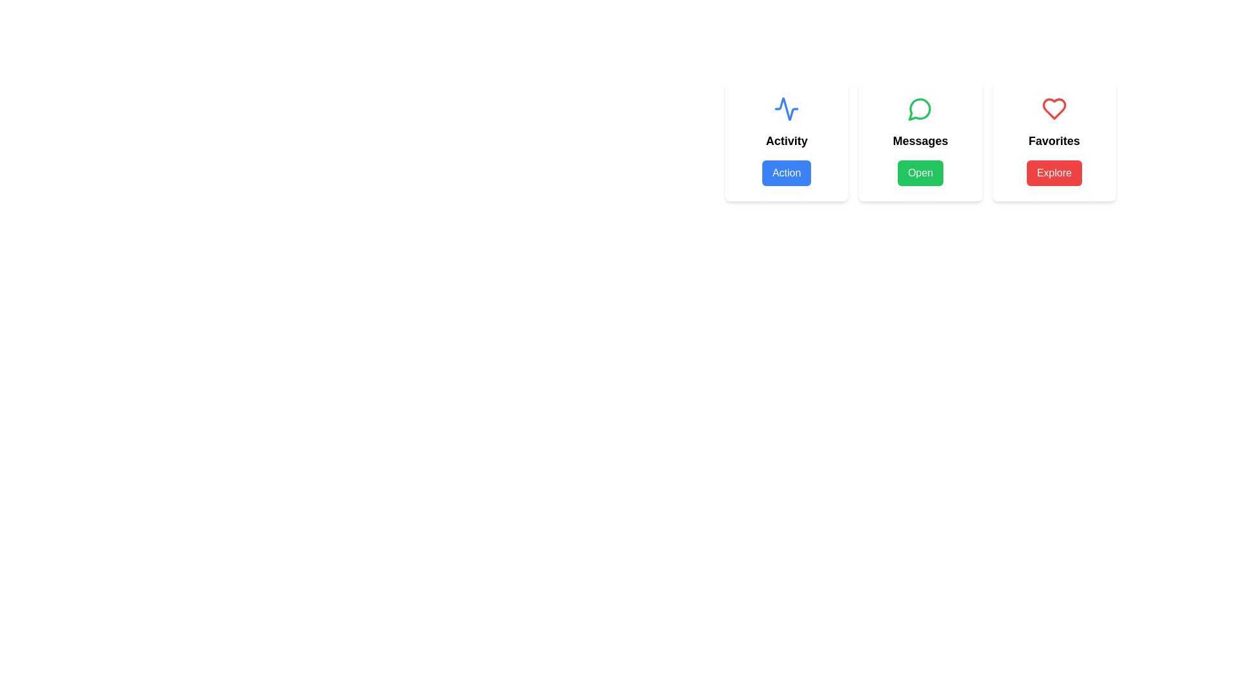 The height and width of the screenshot is (693, 1233). Describe the element at coordinates (1054, 173) in the screenshot. I see `the 'Explore' button, which is a rectangular button with a red background and white bold text, located beneath the 'Favorites' title in the rightmost card` at that location.